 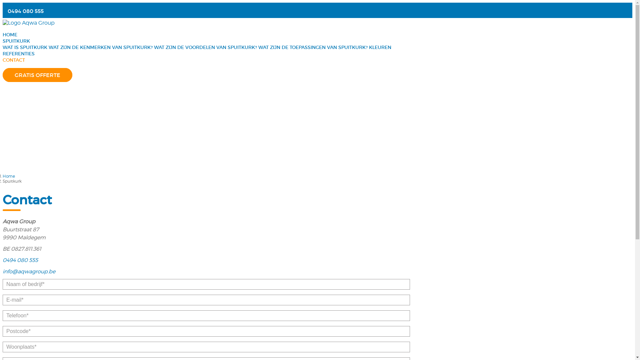 What do you see at coordinates (9, 176) in the screenshot?
I see `'Home'` at bounding box center [9, 176].